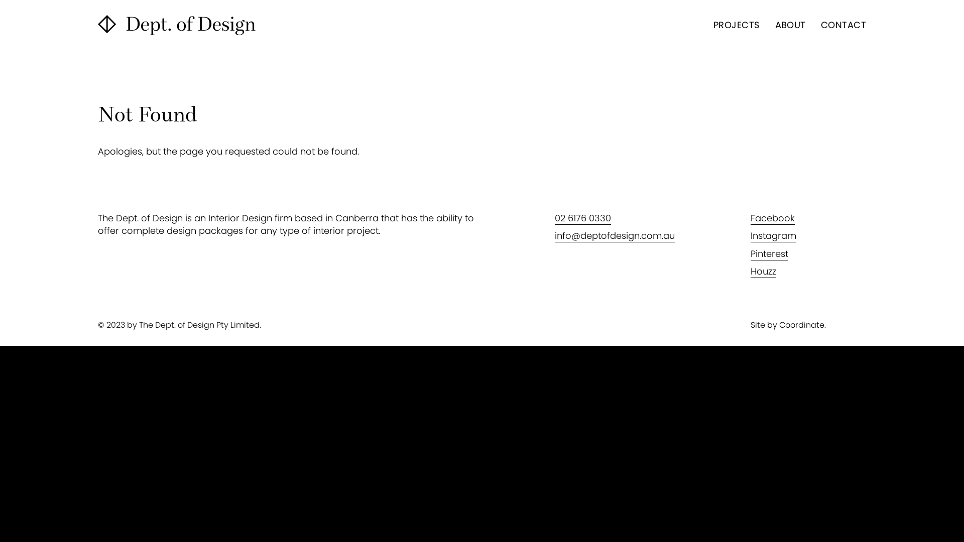  Describe the element at coordinates (614, 235) in the screenshot. I see `'info@deptofdesign.com.au'` at that location.